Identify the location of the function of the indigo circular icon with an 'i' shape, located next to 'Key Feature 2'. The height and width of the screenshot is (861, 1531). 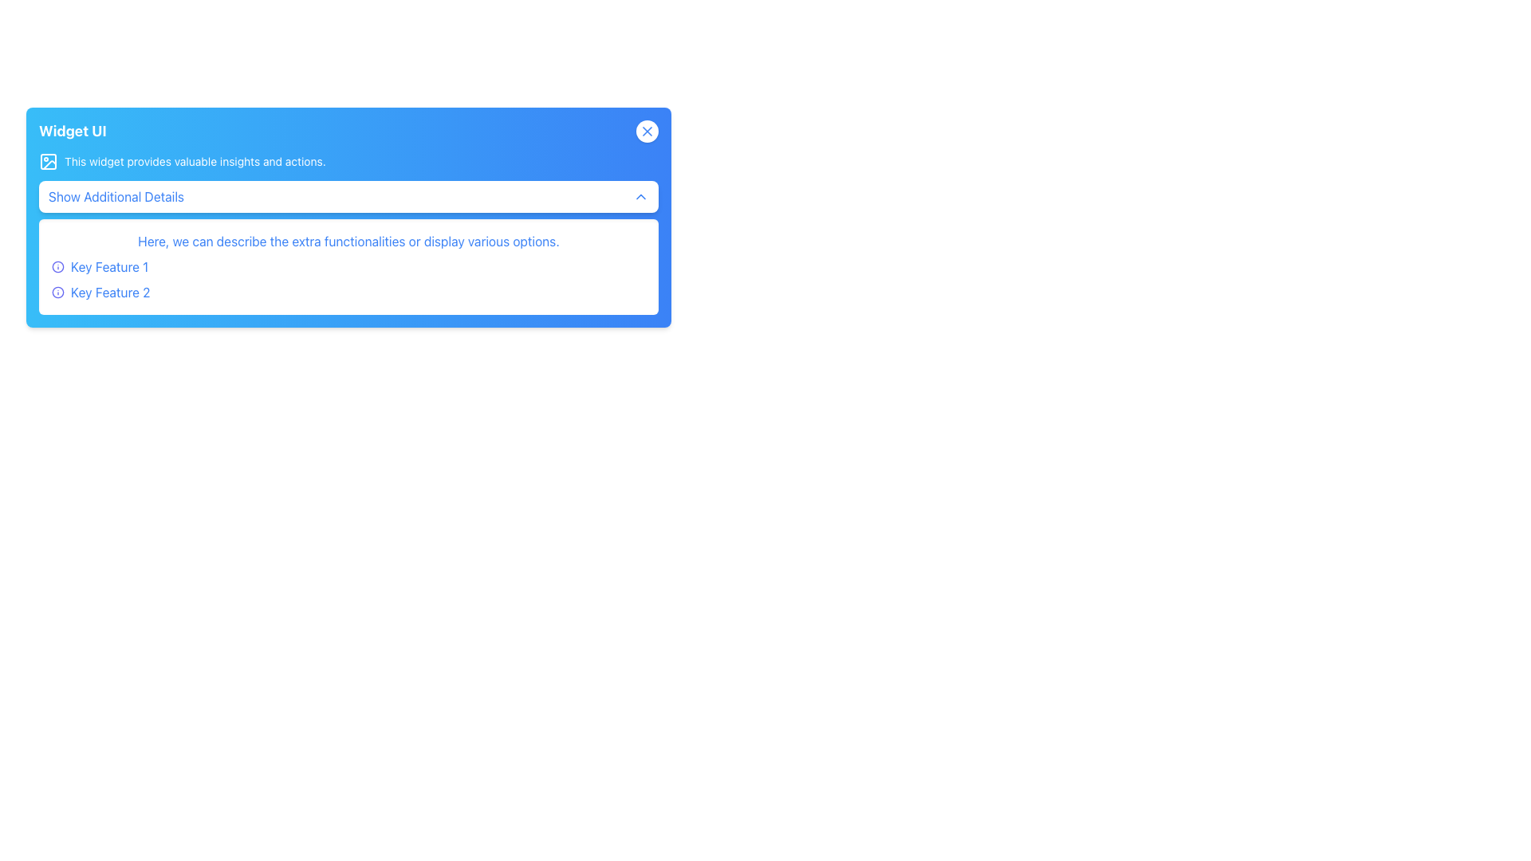
(57, 292).